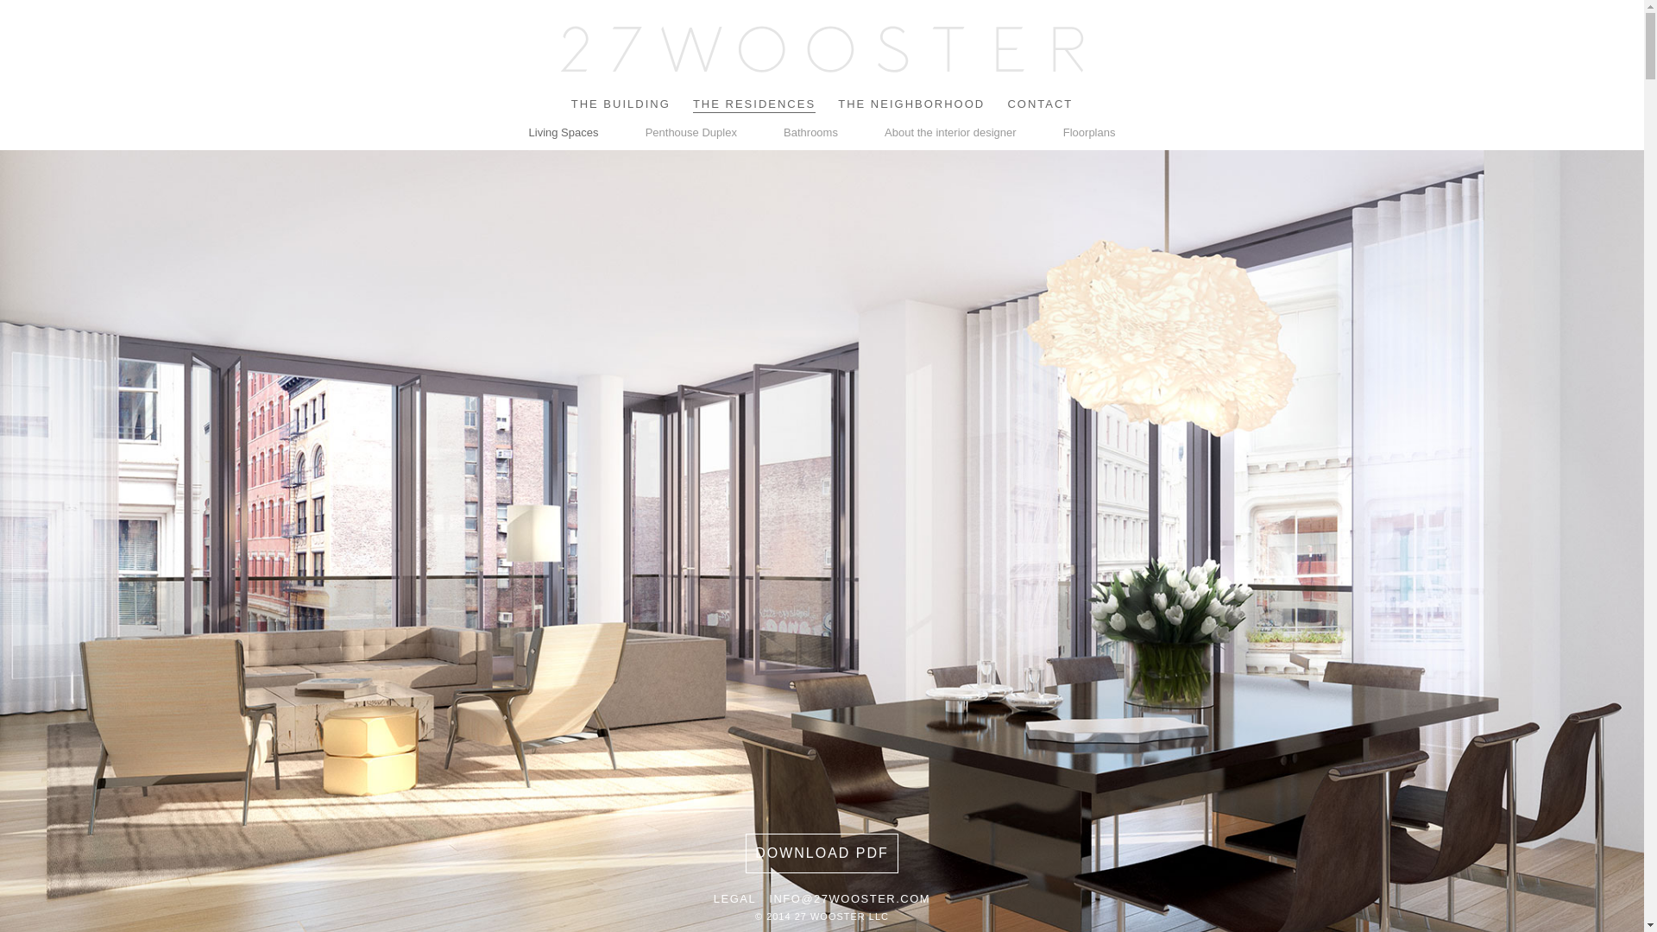  I want to click on 'THE BUILDING', so click(621, 104).